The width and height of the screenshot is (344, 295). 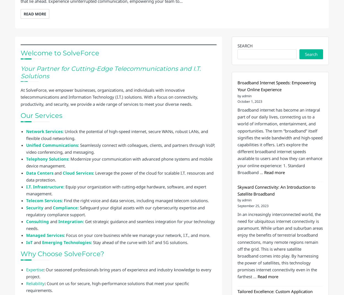 I want to click on 'Data Centers', so click(x=40, y=172).